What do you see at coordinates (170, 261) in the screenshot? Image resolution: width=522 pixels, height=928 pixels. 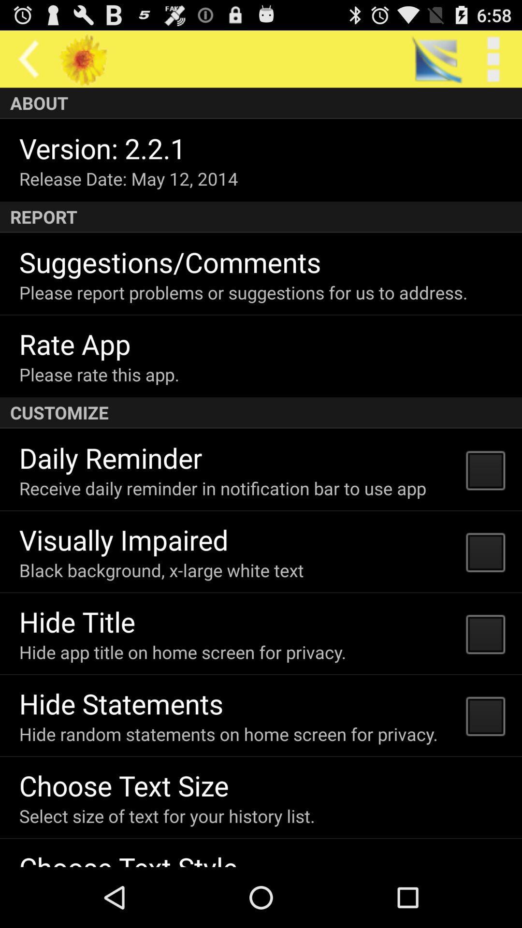 I see `the app above the please report problems` at bounding box center [170, 261].